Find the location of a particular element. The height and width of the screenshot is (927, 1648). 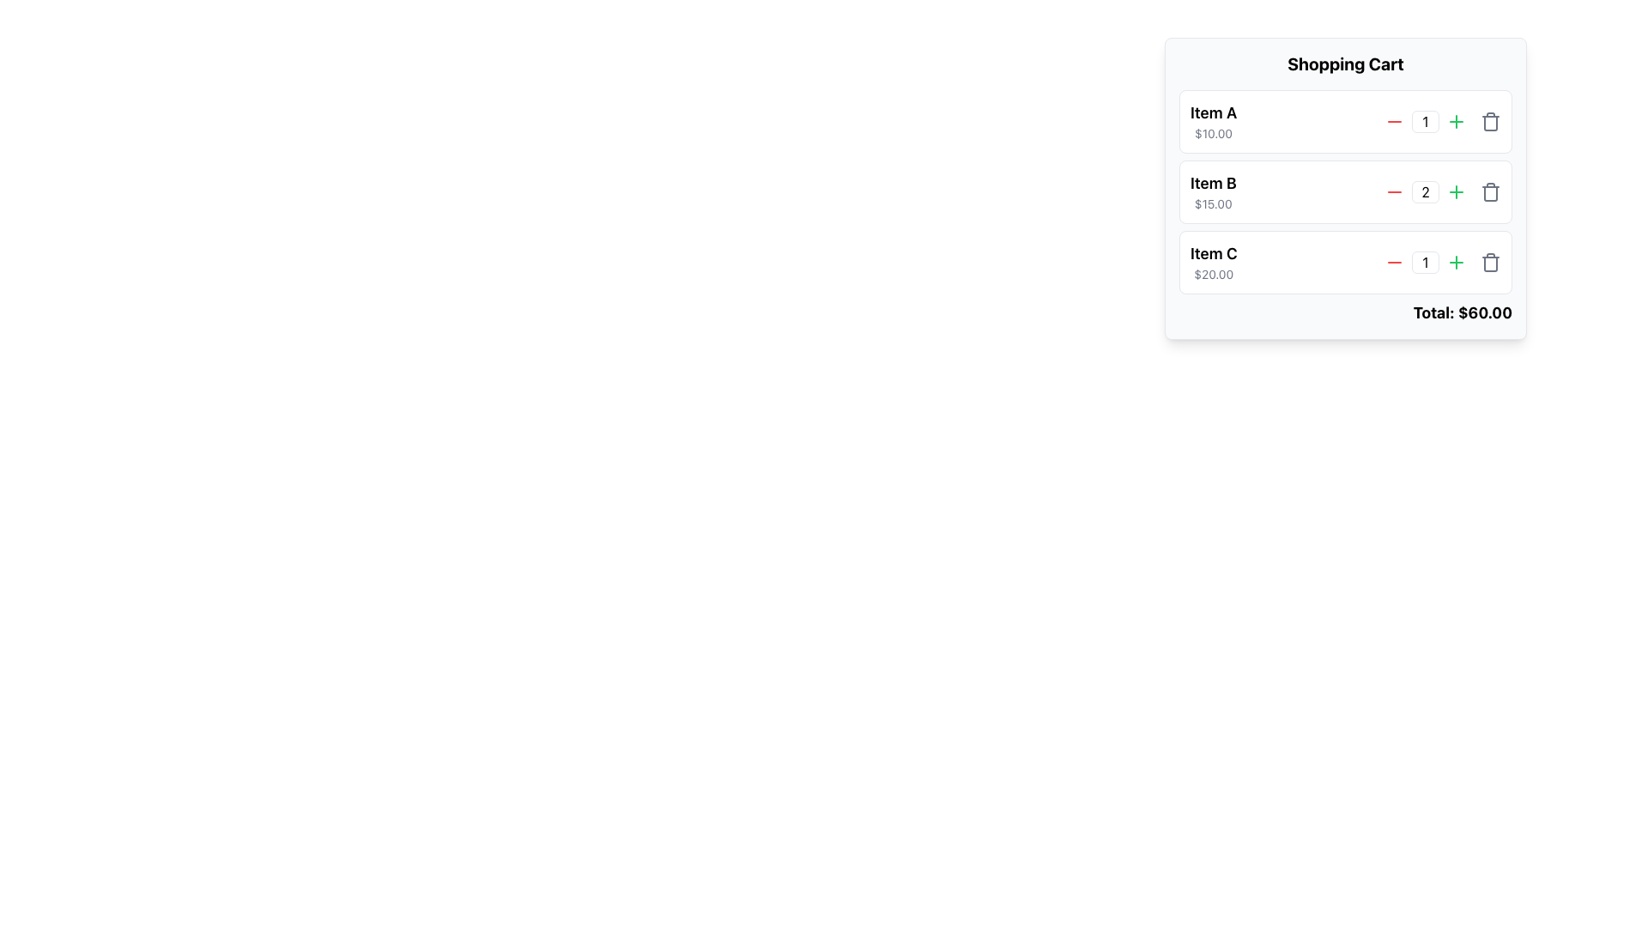

the control group that adjusts the quantity of 'Item A' in the shopping cart for editing is located at coordinates (1442, 121).